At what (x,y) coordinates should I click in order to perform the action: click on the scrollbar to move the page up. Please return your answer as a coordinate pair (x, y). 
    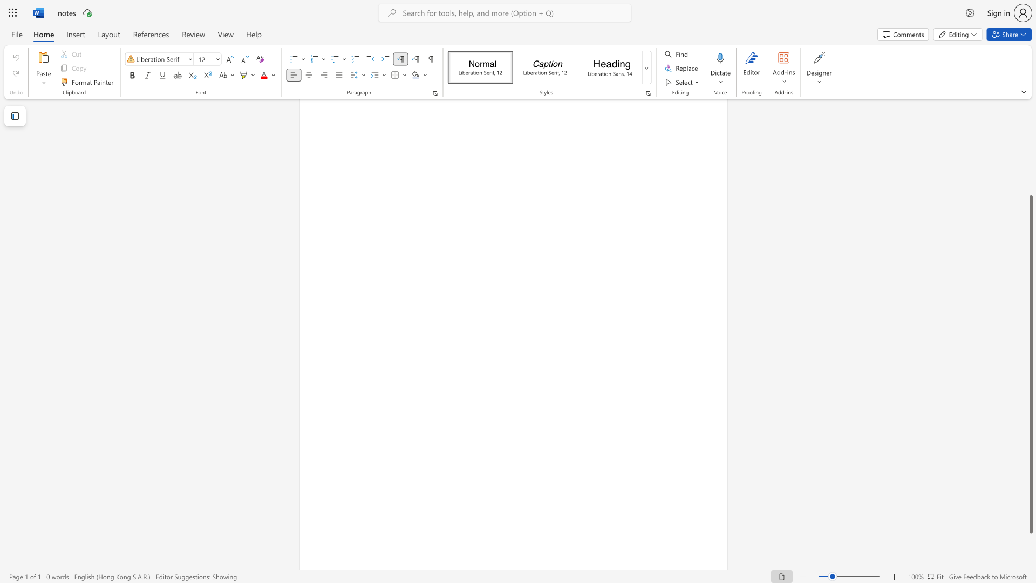
    Looking at the image, I should click on (1030, 162).